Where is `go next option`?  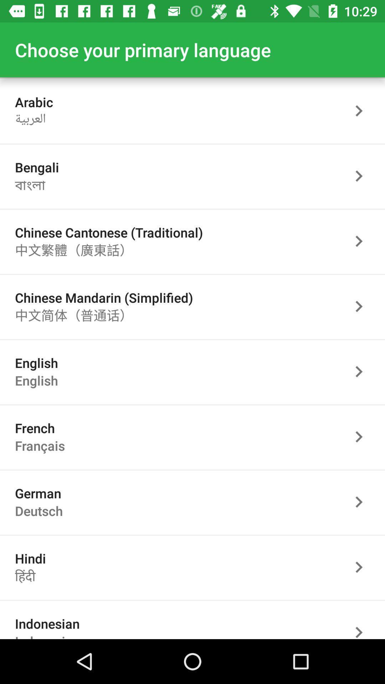 go next option is located at coordinates (363, 622).